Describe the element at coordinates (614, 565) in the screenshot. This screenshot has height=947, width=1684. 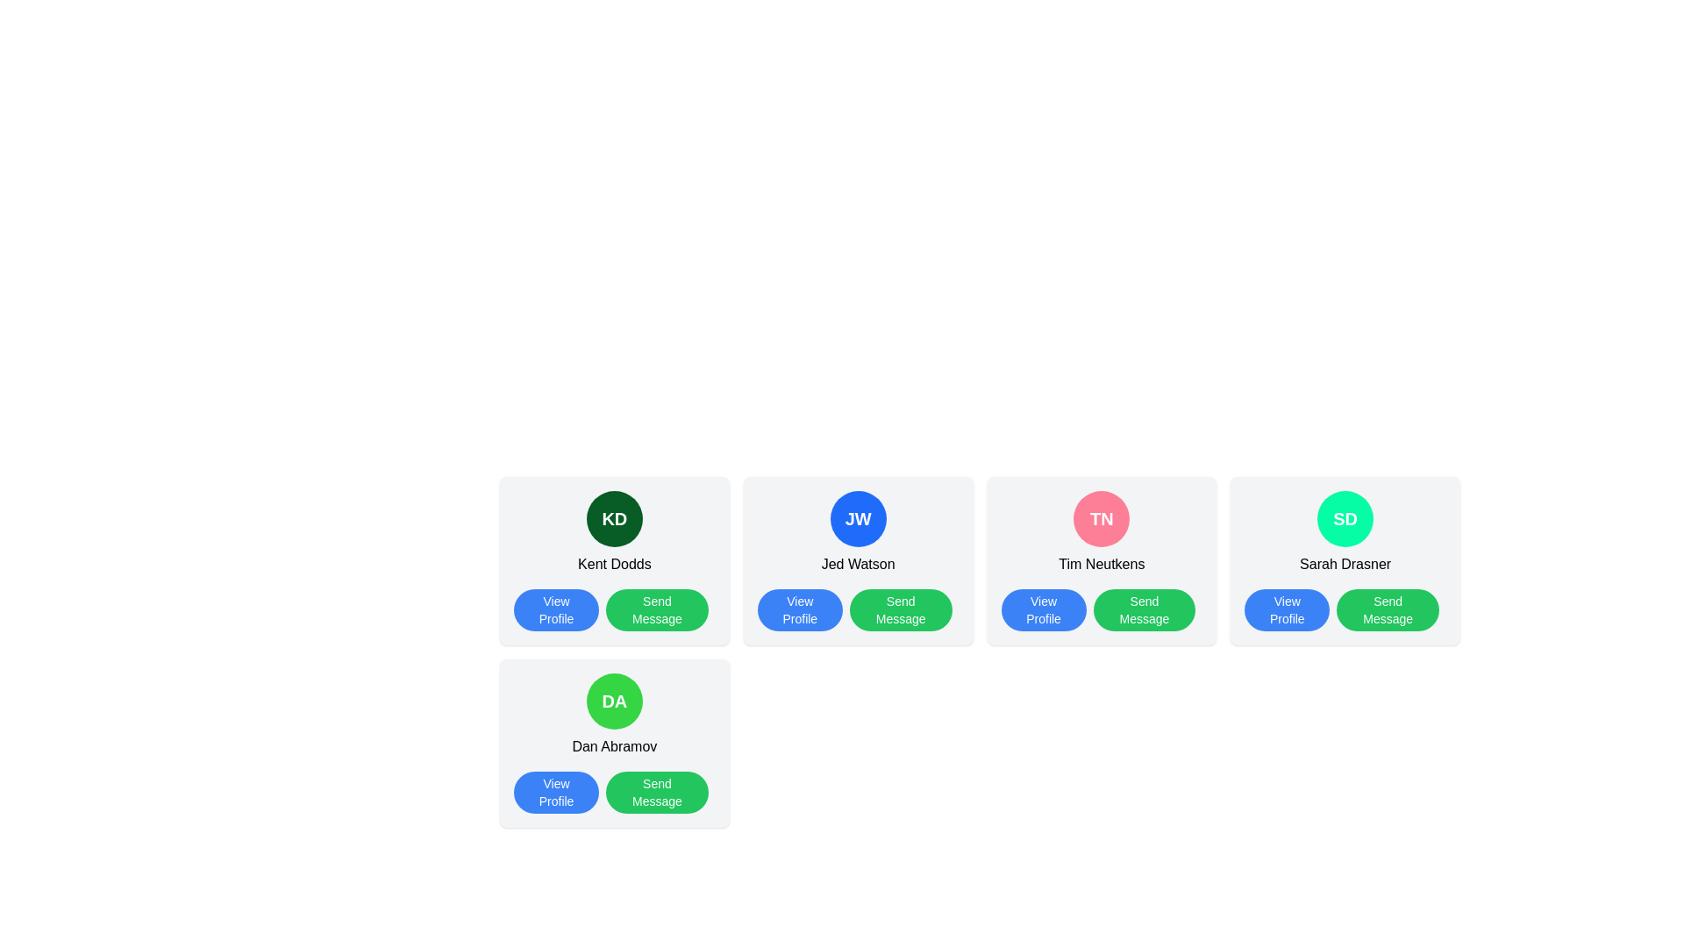
I see `the text label displaying 'Kent Dodds', which is styled with a medium font size and positioned below the avatar with initials 'KD'` at that location.